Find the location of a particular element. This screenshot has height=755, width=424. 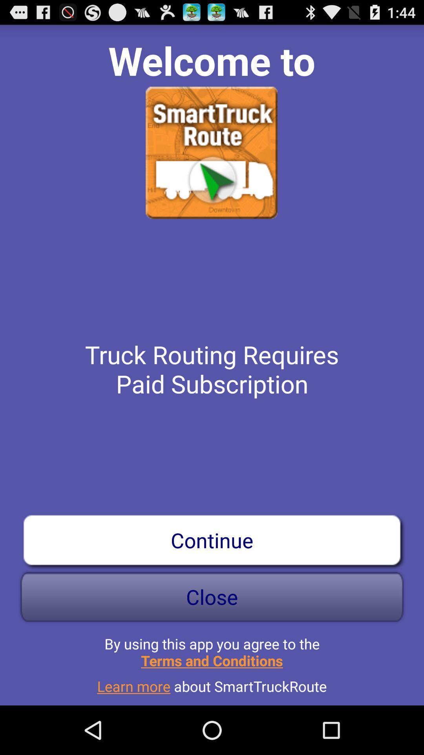

the by using this item is located at coordinates (212, 649).